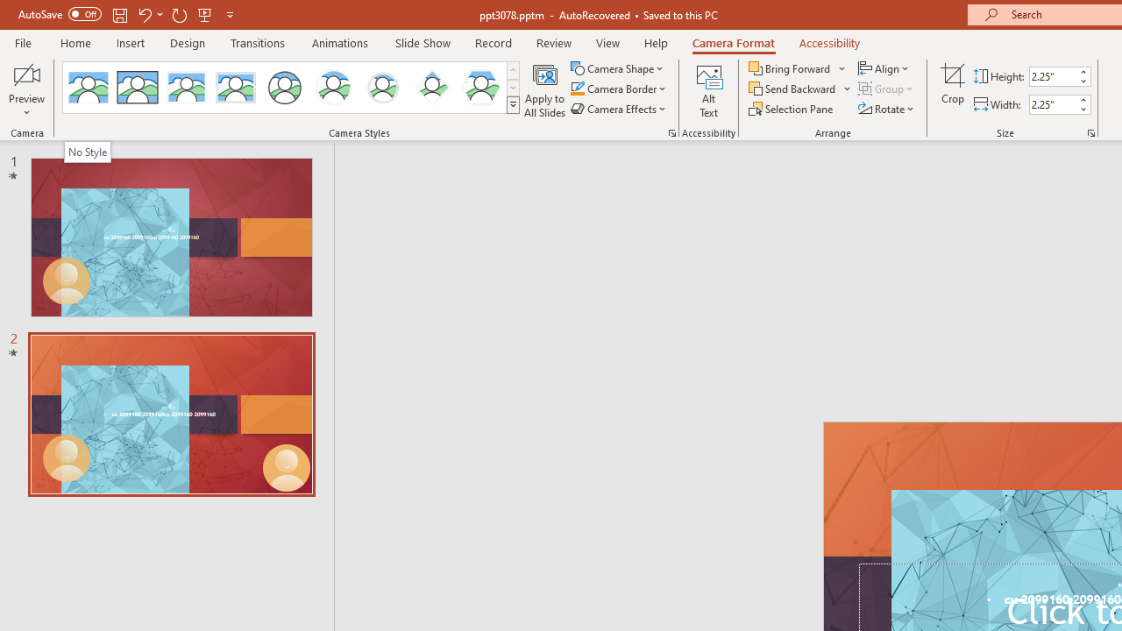  What do you see at coordinates (734, 42) in the screenshot?
I see `'Camera Format'` at bounding box center [734, 42].